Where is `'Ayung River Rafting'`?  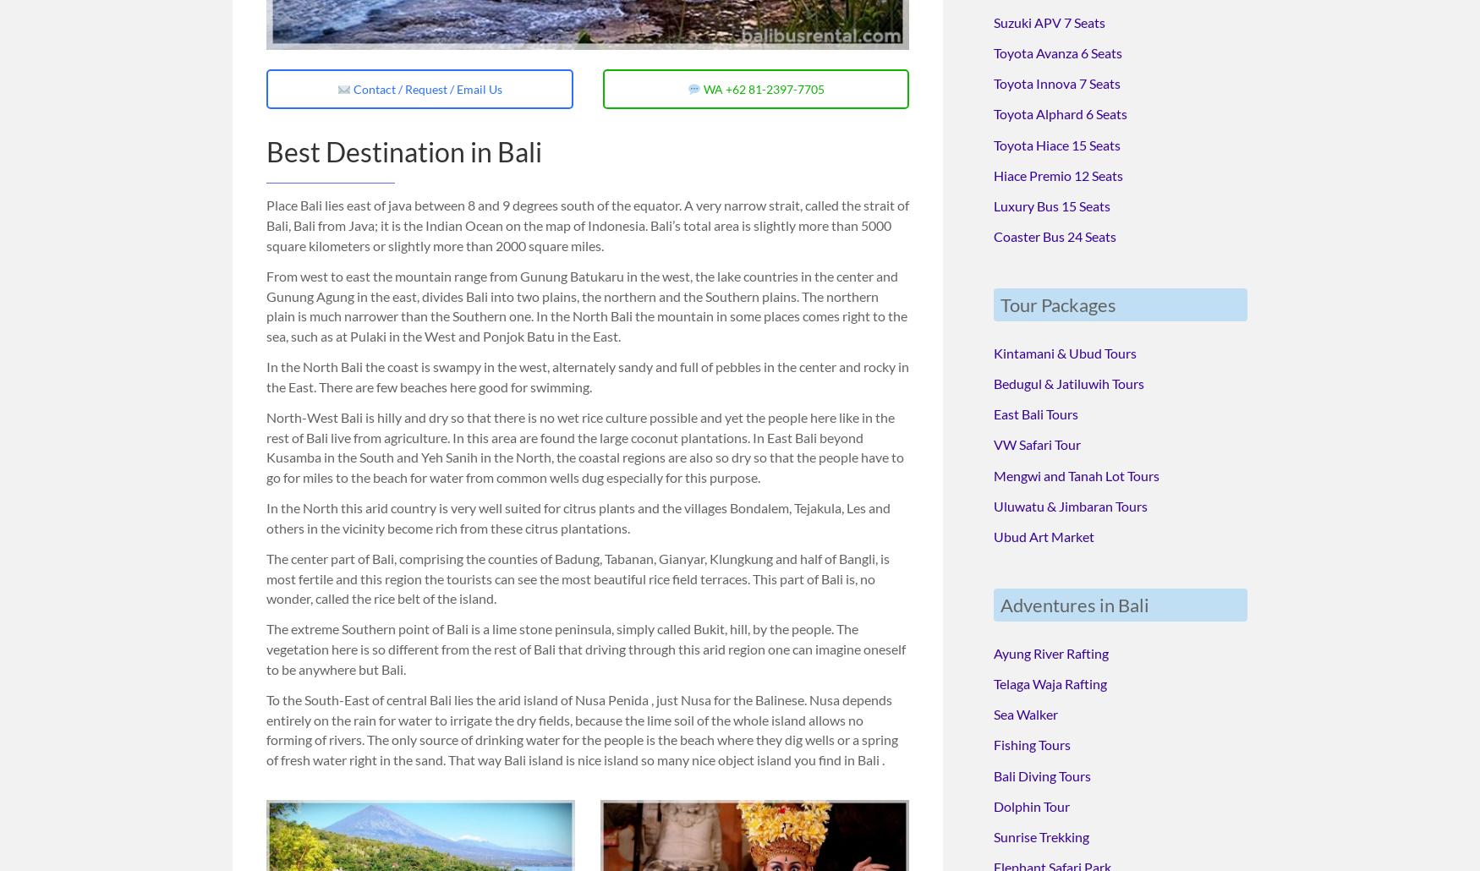
'Ayung River Rafting' is located at coordinates (1051, 649).